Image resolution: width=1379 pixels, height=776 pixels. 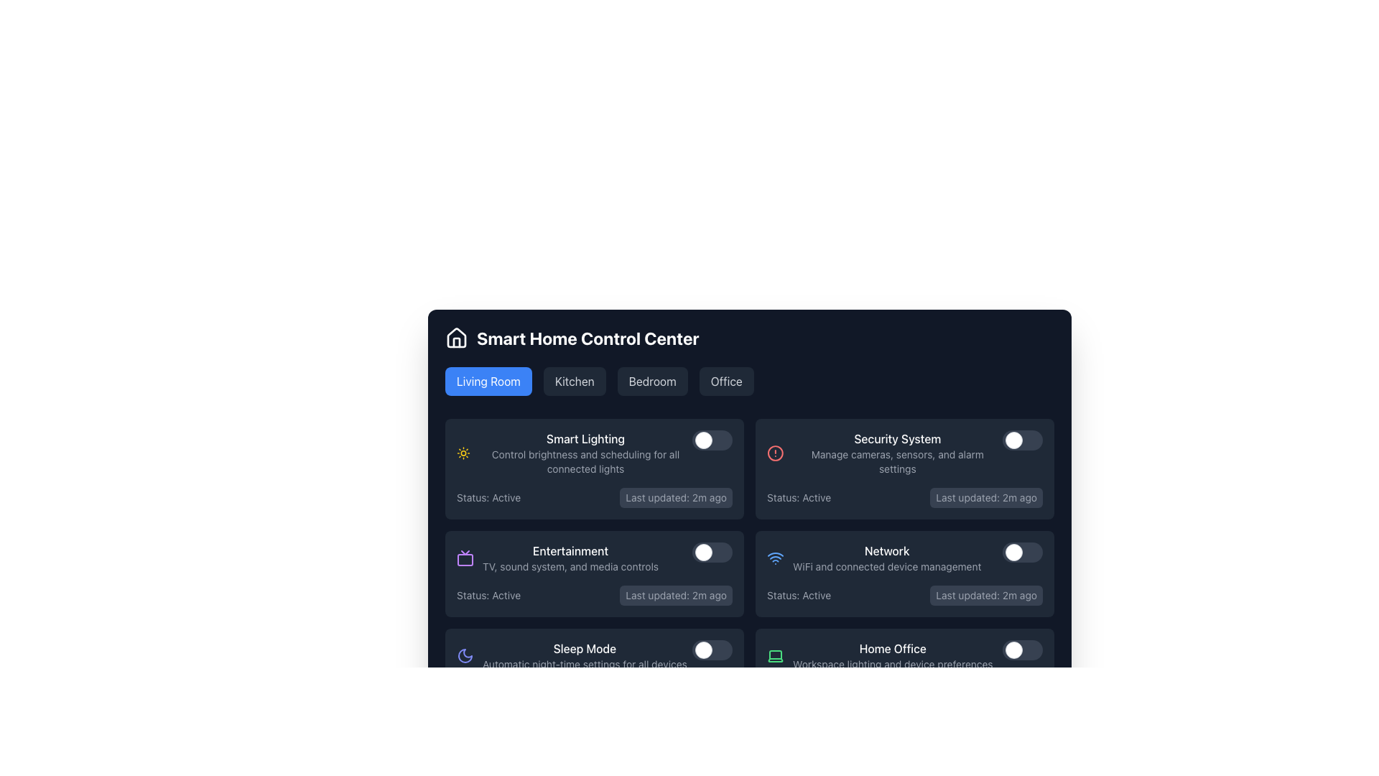 What do you see at coordinates (896, 438) in the screenshot?
I see `the static text label displaying 'Security System' in white font on a dark background, which is positioned near the top-right area of the interface` at bounding box center [896, 438].